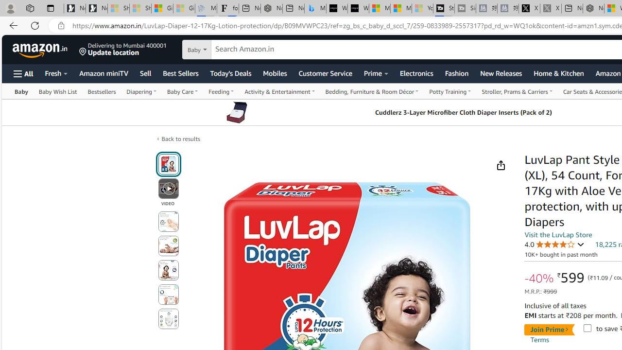  I want to click on 'Microsoft Start Sports', so click(379, 8).